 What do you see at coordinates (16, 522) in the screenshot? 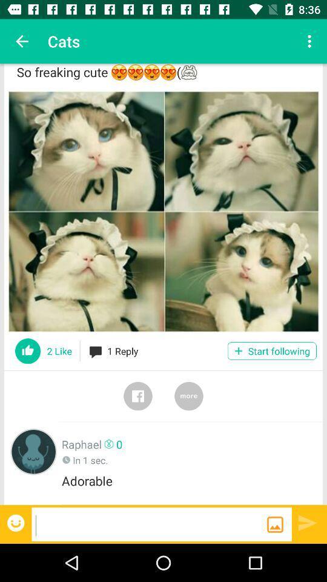
I see `the emoji icon` at bounding box center [16, 522].